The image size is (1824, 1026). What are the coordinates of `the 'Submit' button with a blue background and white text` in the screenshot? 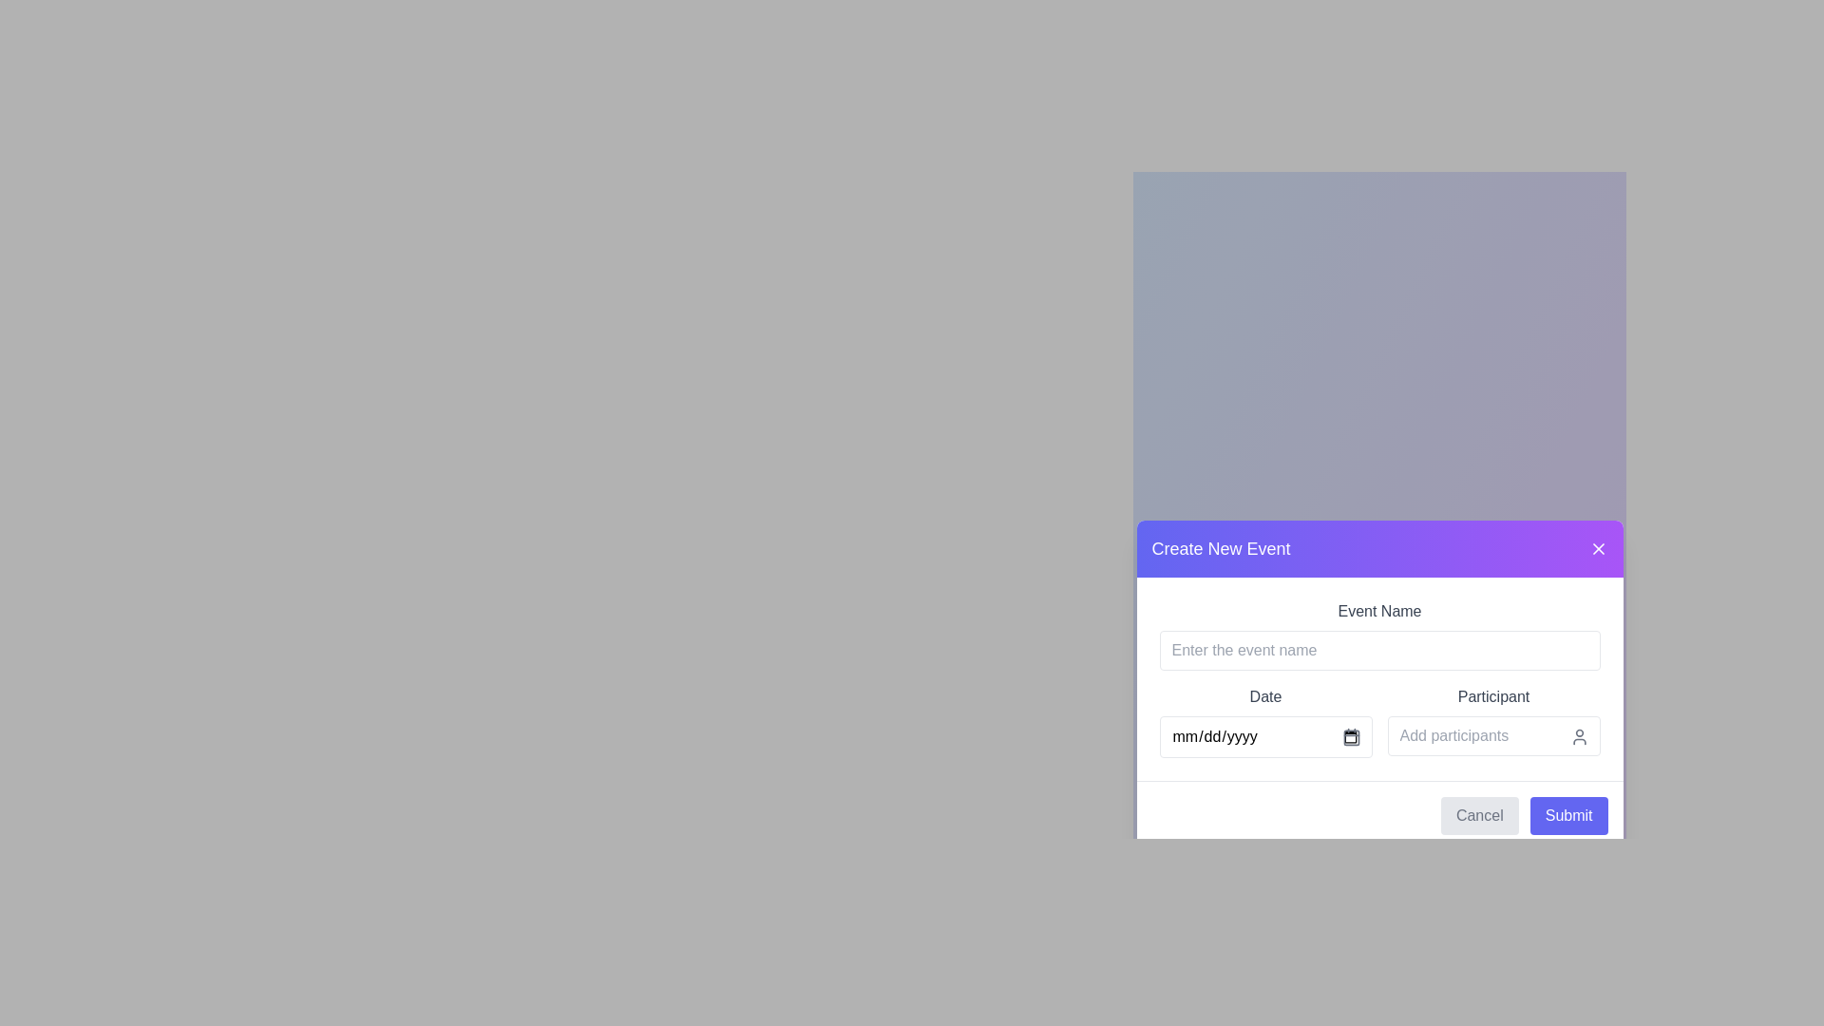 It's located at (1568, 814).